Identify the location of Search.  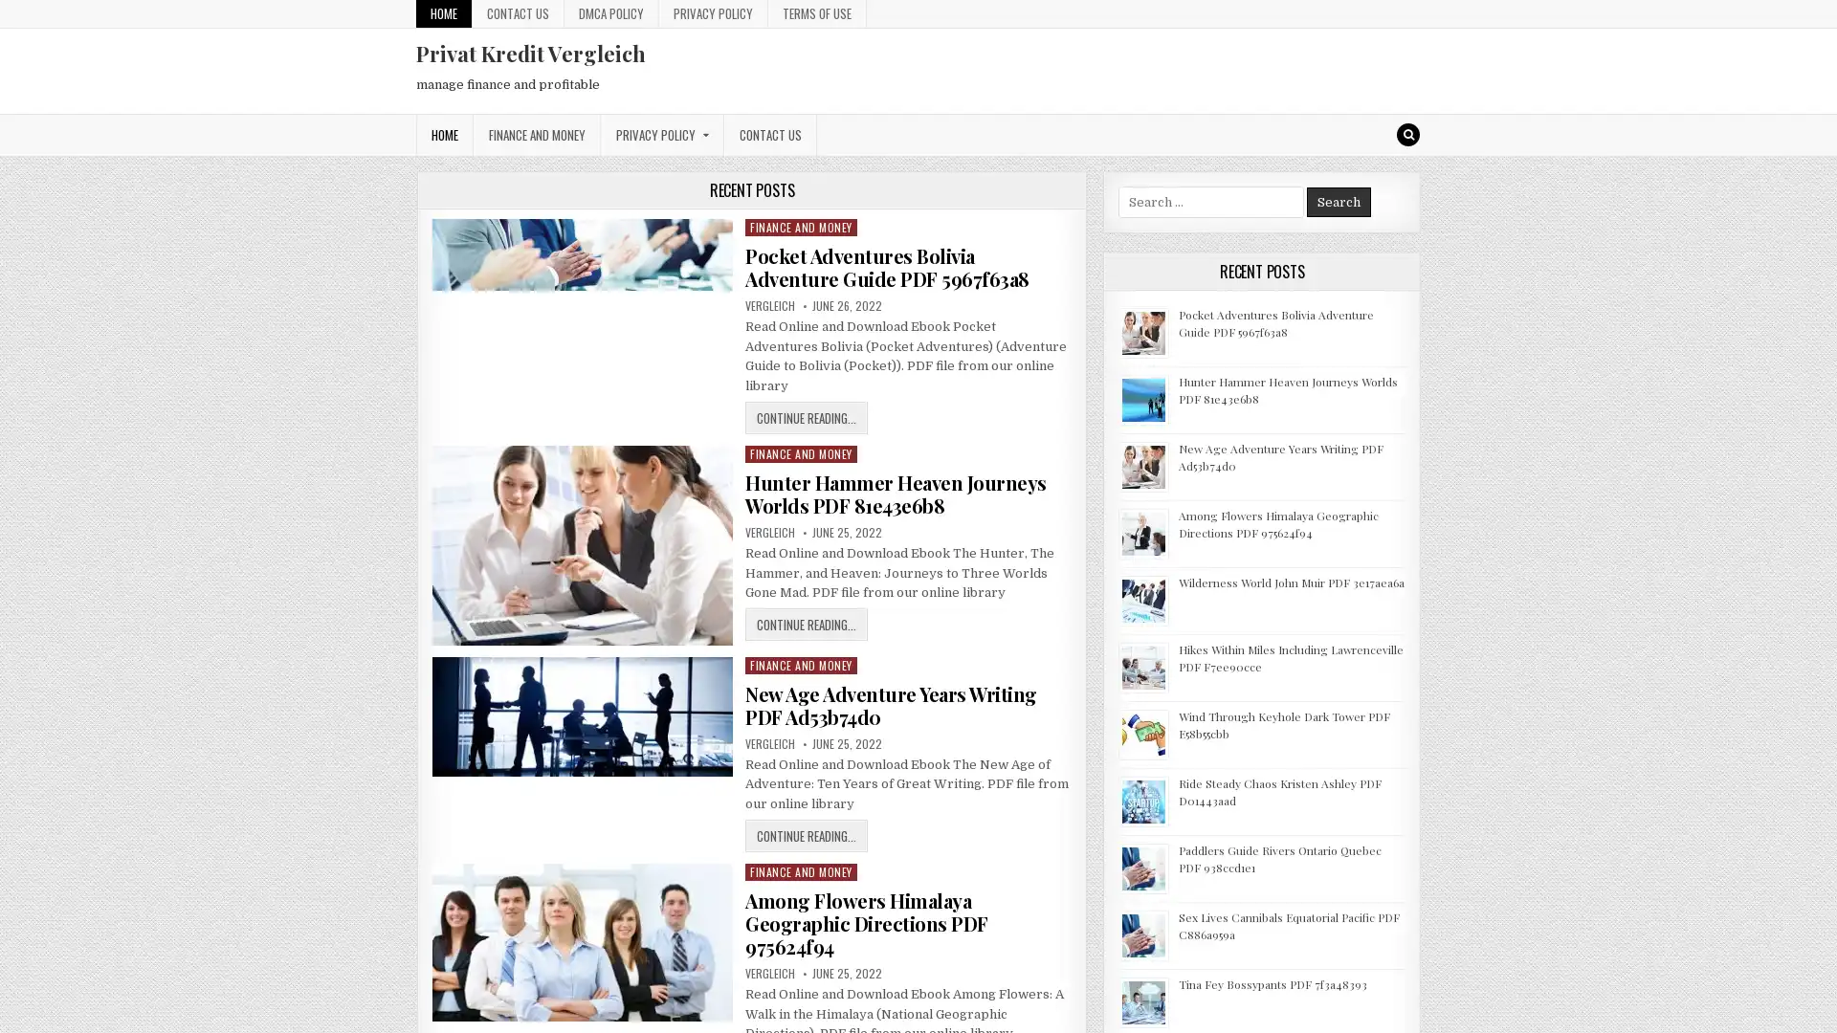
(1338, 202).